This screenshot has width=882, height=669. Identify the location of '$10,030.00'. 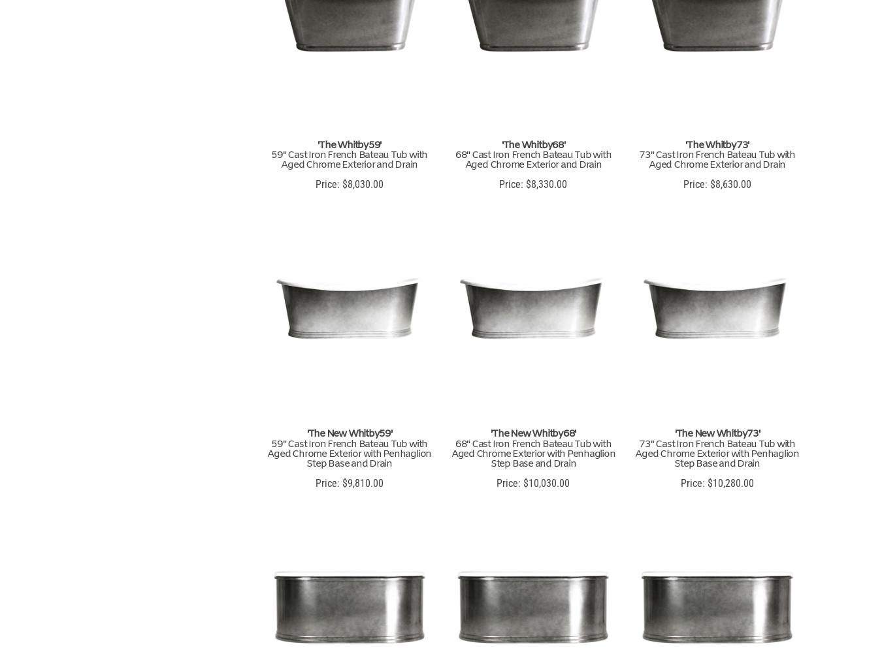
(545, 482).